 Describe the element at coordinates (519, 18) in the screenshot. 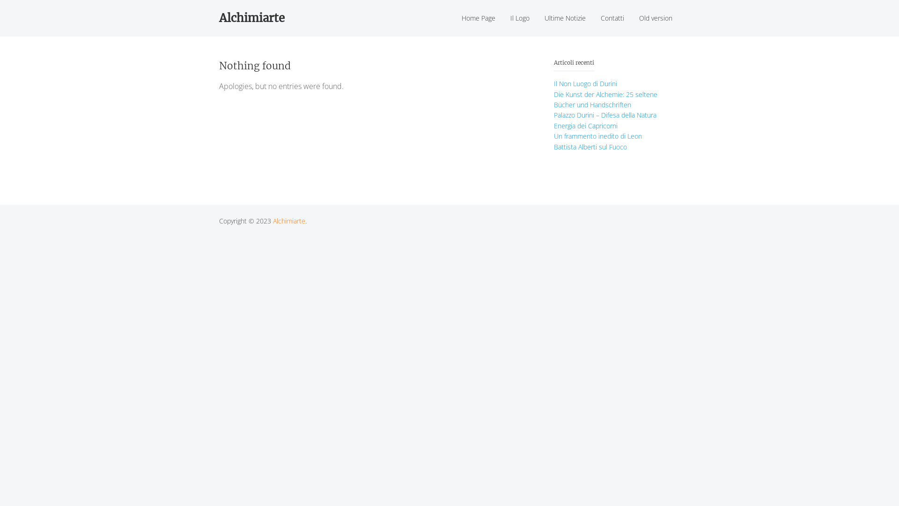

I see `'Il Logo'` at that location.